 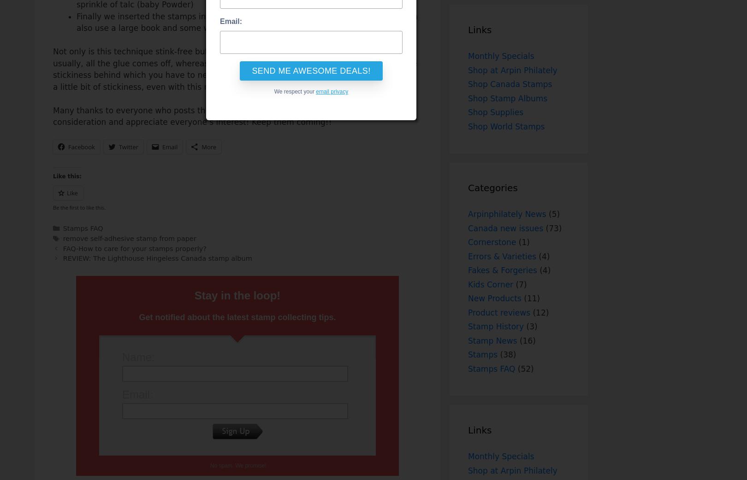 I want to click on '(73)', so click(x=551, y=228).